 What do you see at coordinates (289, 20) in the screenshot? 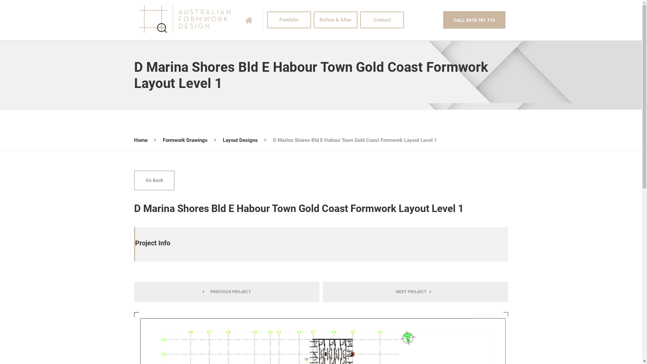
I see `'Portfolio'` at bounding box center [289, 20].